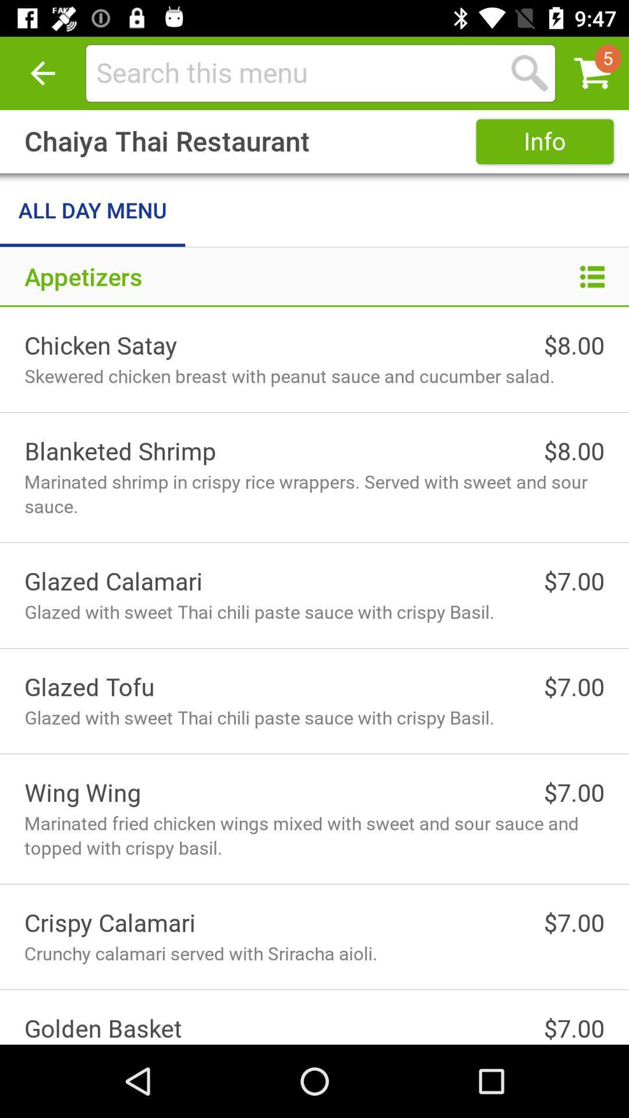  Describe the element at coordinates (545, 141) in the screenshot. I see `icon next to chaiya thai restaurant` at that location.